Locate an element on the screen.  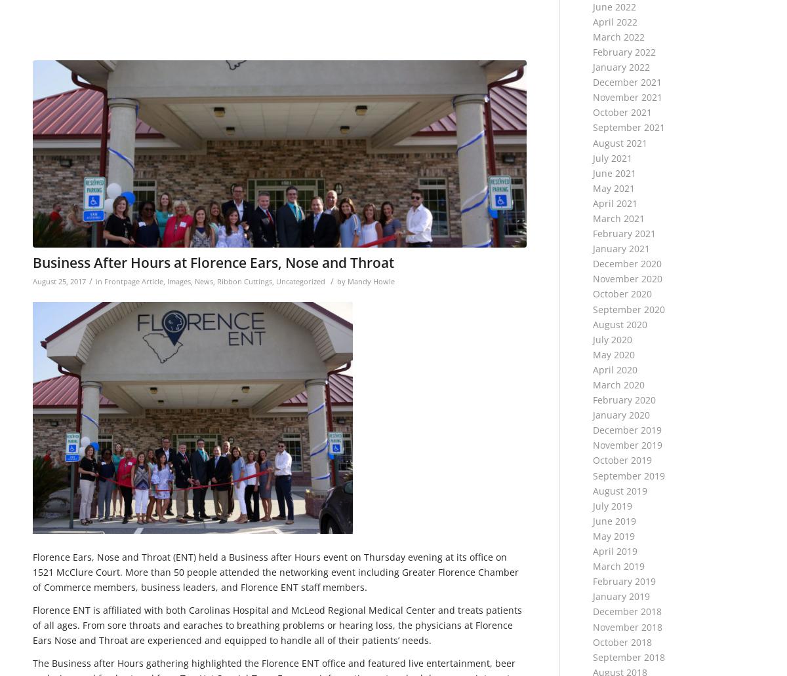
'December 2021' is located at coordinates (627, 82).